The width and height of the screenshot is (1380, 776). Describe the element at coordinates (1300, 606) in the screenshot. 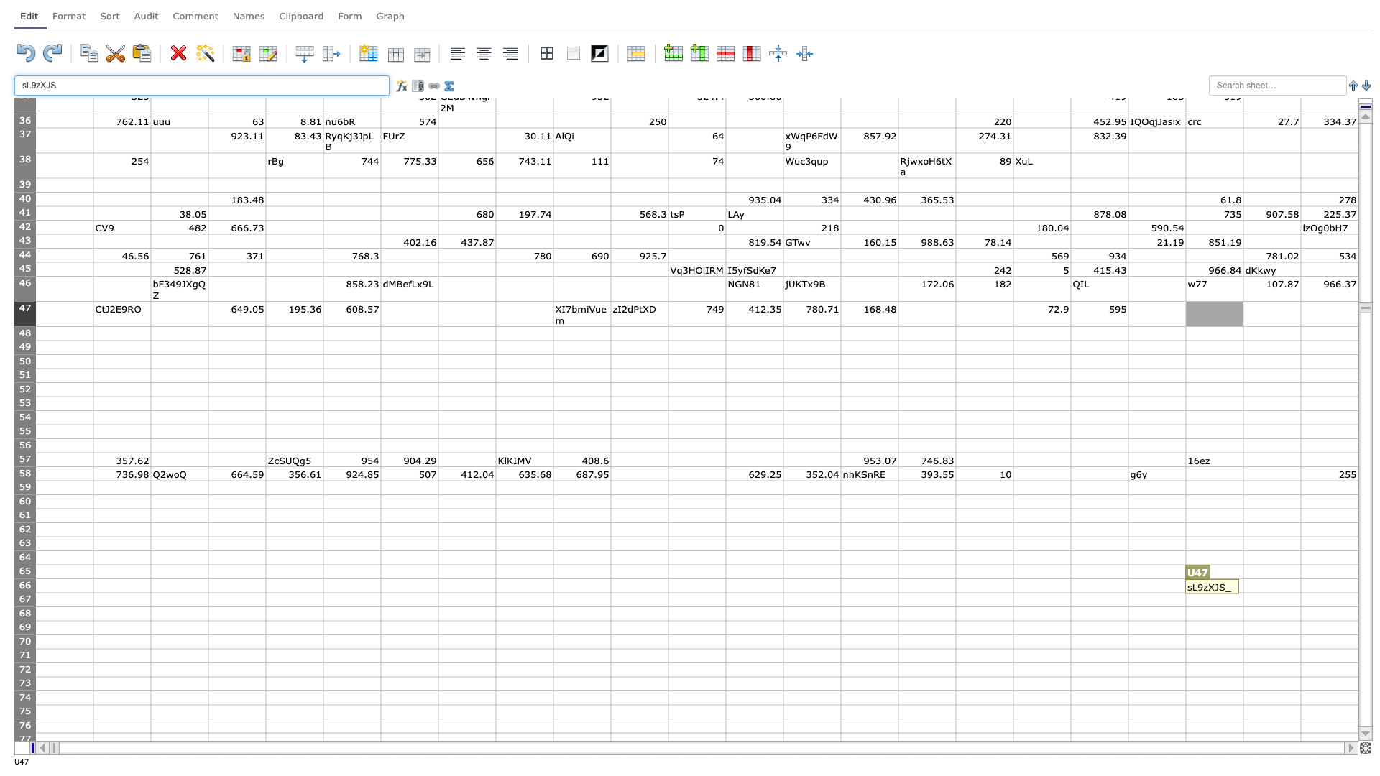

I see `Fill handle of cell V-67` at that location.